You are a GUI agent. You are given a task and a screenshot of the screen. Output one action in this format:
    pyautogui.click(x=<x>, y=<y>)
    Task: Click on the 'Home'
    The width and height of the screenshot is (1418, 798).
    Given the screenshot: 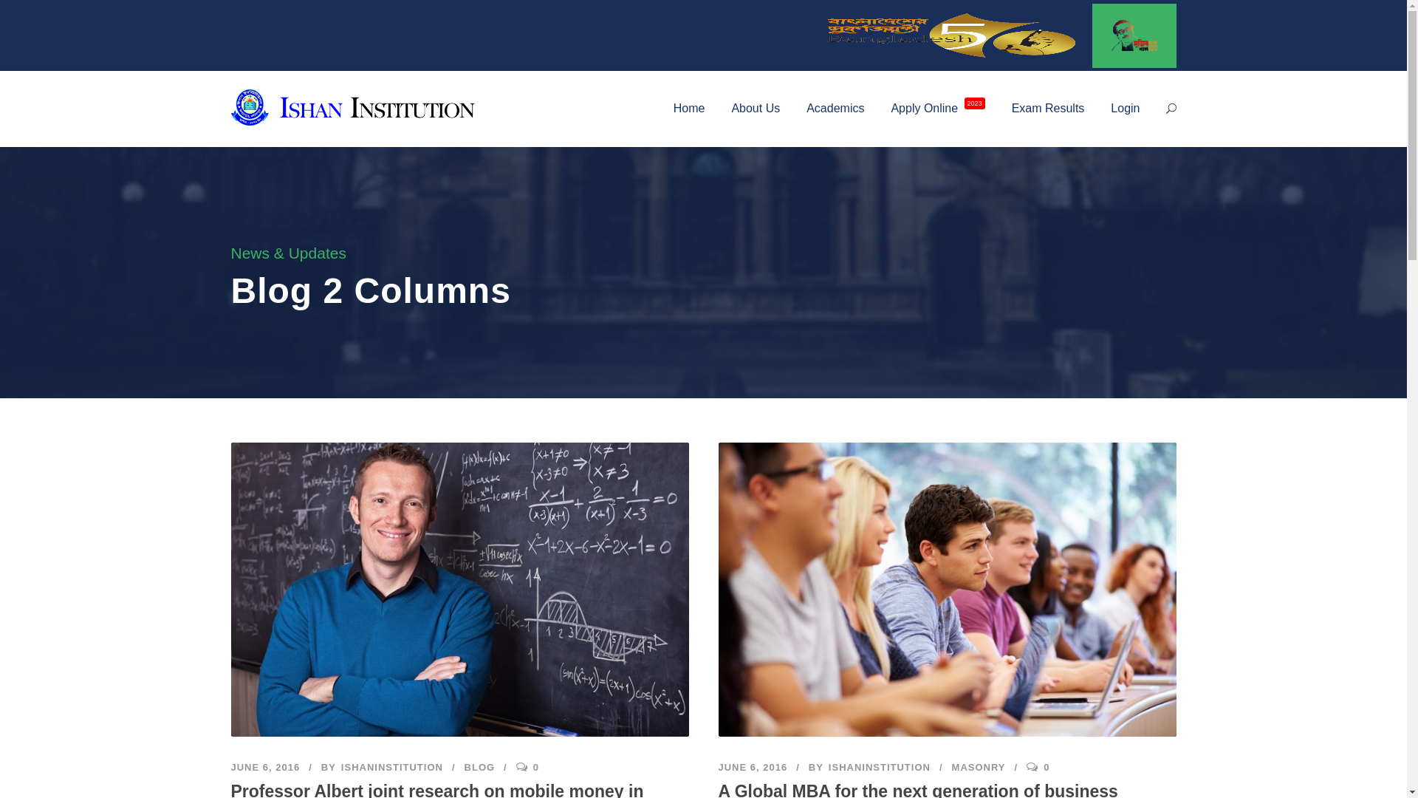 What is the action you would take?
    pyautogui.click(x=673, y=120)
    